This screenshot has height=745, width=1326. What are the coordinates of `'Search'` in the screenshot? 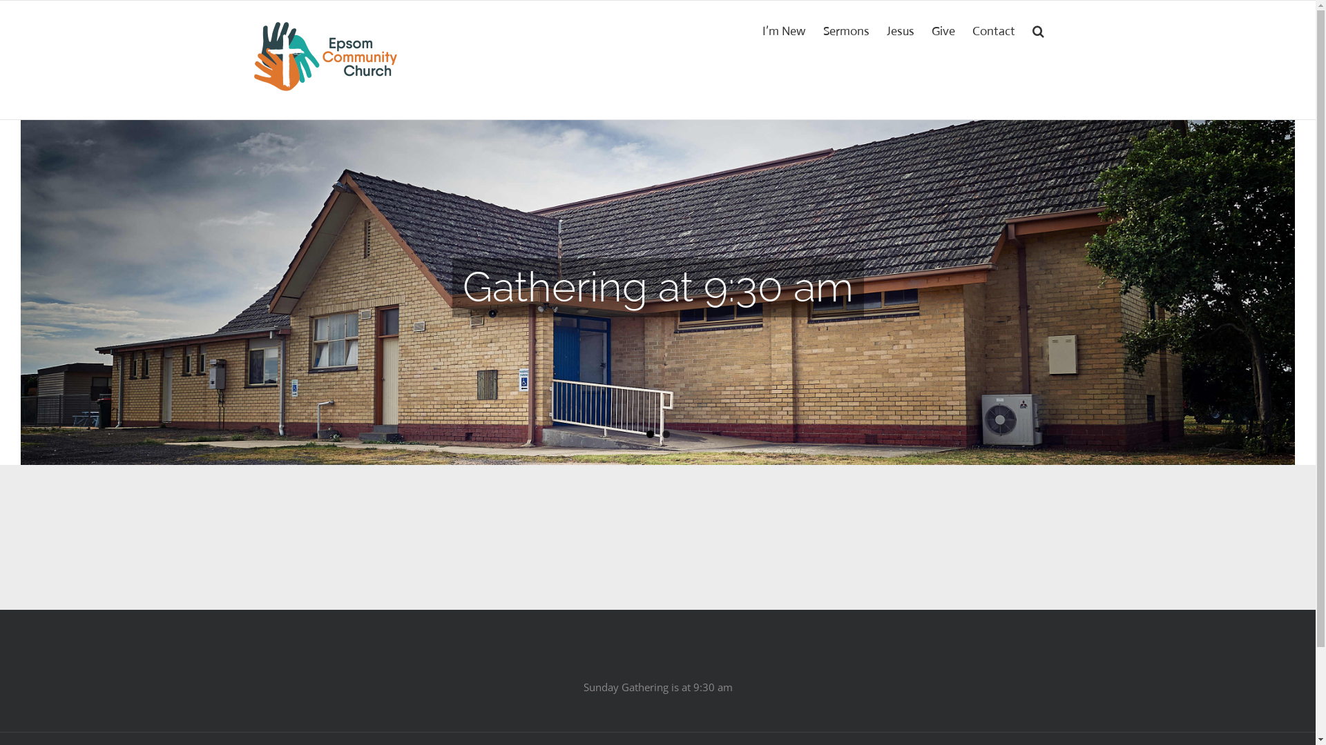 It's located at (1038, 29).